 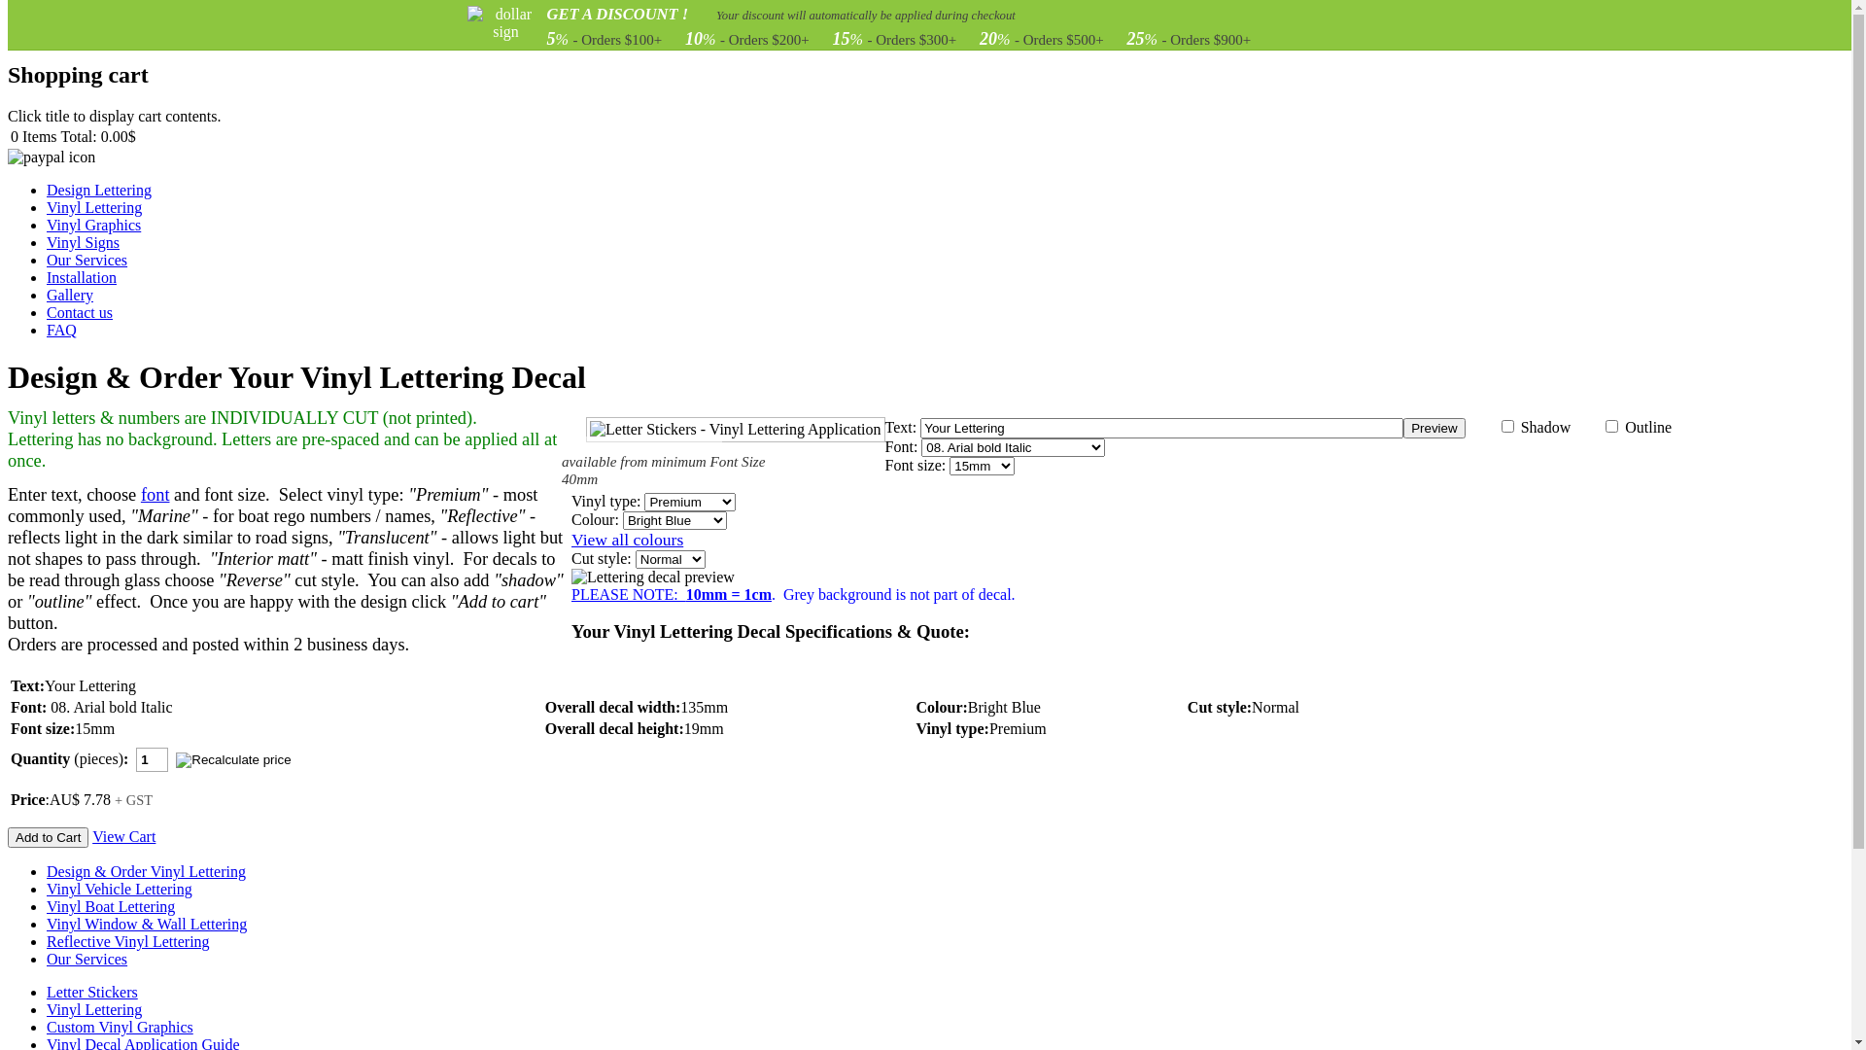 I want to click on 'Design & Order Vinyl Lettering', so click(x=145, y=870).